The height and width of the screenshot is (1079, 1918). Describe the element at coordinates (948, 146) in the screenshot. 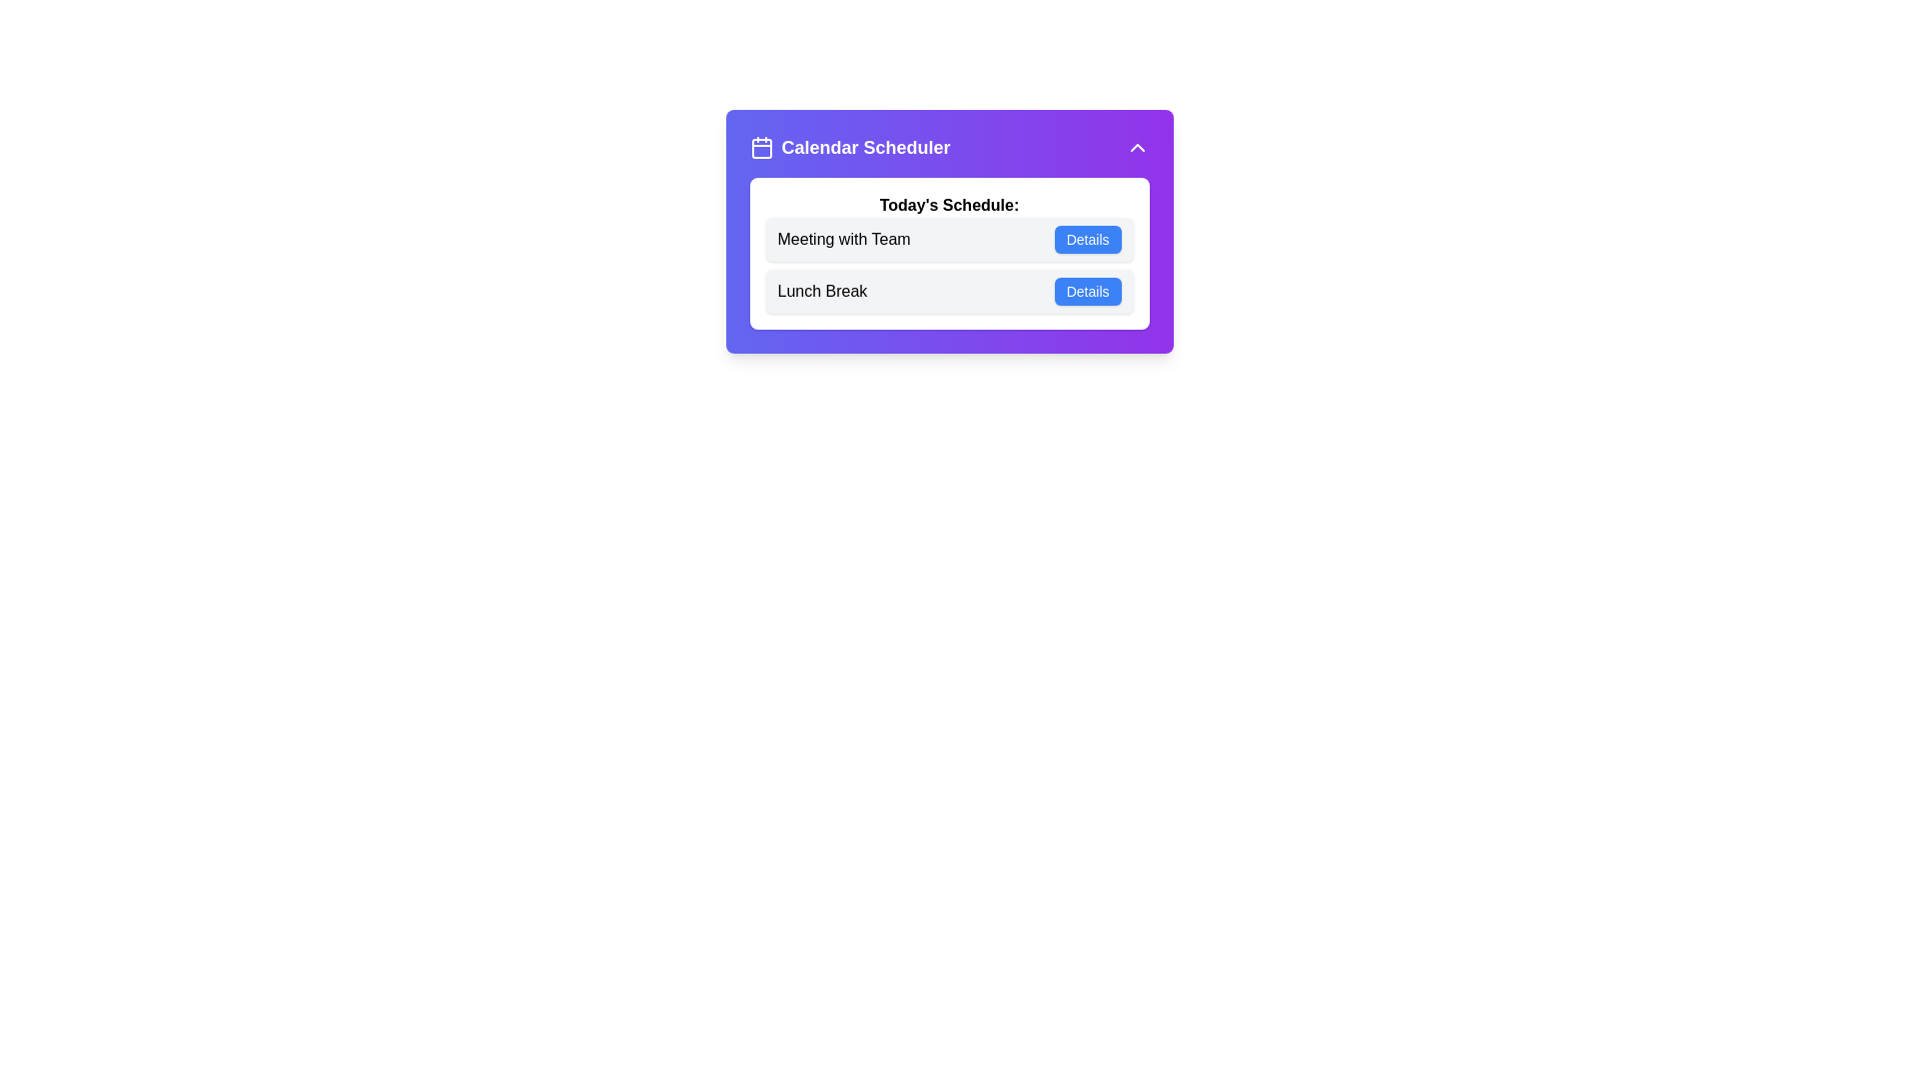

I see `the header of the SchedulerMenu to toggle the panel` at that location.